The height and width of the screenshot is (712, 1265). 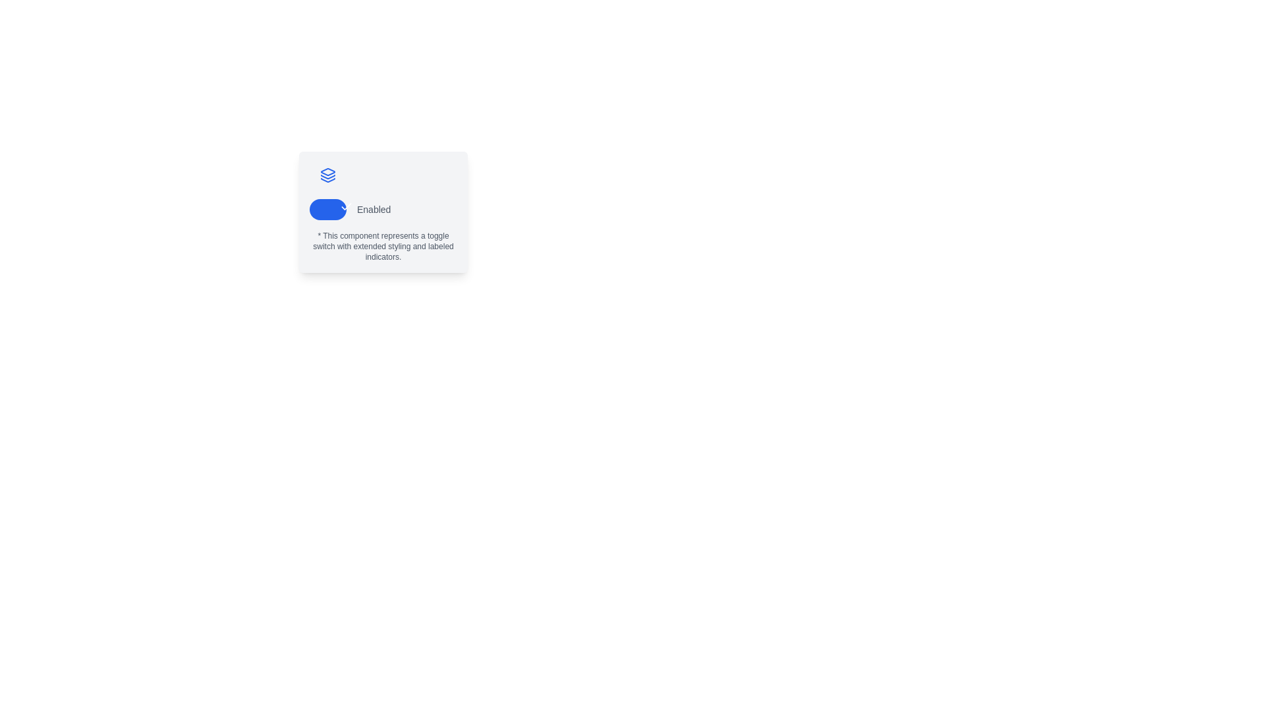 What do you see at coordinates (373, 208) in the screenshot?
I see `the text label that displays the word 'Enabled', which is rendered in a small gray font and is located to the right of a toggle switch component` at bounding box center [373, 208].